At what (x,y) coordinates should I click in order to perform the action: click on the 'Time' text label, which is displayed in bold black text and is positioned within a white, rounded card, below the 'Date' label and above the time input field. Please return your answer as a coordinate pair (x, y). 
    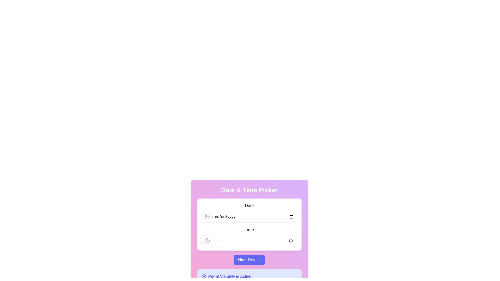
    Looking at the image, I should click on (249, 229).